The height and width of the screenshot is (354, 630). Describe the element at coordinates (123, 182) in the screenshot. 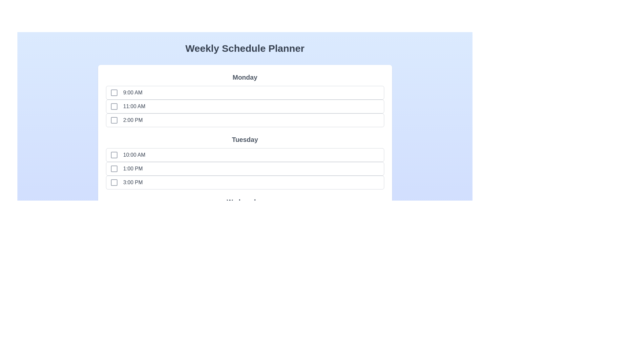

I see `the time slot labeled 3:00 PM to observe the hover effect` at that location.